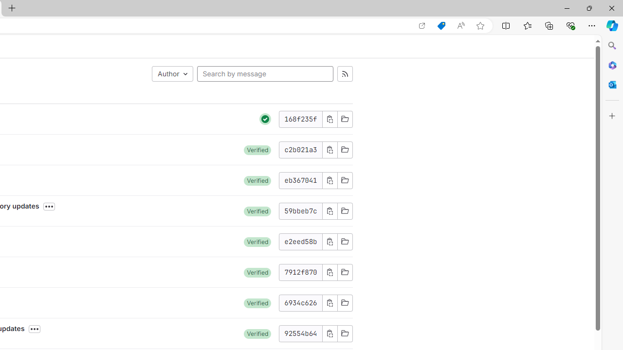 This screenshot has width=623, height=350. What do you see at coordinates (265, 119) in the screenshot?
I see `'Pipeline: passed'` at bounding box center [265, 119].